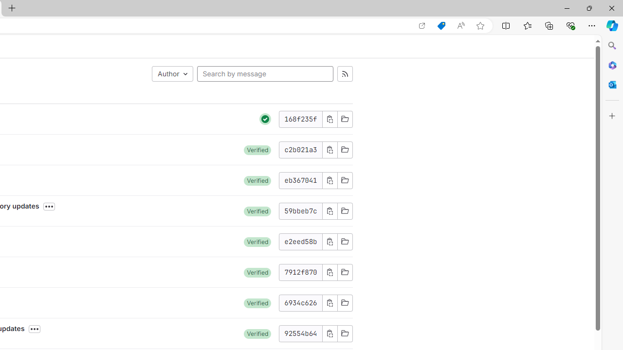 This screenshot has width=623, height=350. What do you see at coordinates (265, 119) in the screenshot?
I see `'Pipeline: passed'` at bounding box center [265, 119].